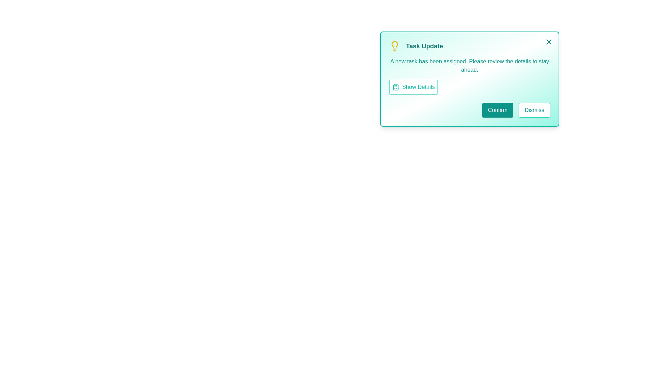 The image size is (672, 378). What do you see at coordinates (534, 110) in the screenshot?
I see `the 'Dismiss' button to dismiss the notification alert` at bounding box center [534, 110].